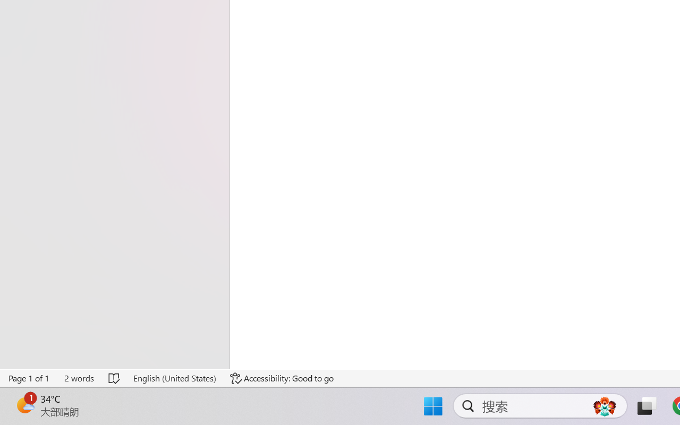 The image size is (680, 425). What do you see at coordinates (605, 406) in the screenshot?
I see `'AutomationID: DynamicSearchBoxGleamImage'` at bounding box center [605, 406].